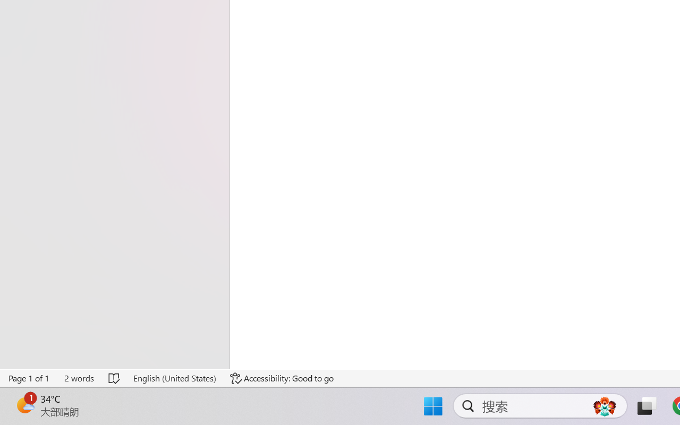 The image size is (680, 425). What do you see at coordinates (605, 406) in the screenshot?
I see `'AutomationID: DynamicSearchBoxGleamImage'` at bounding box center [605, 406].